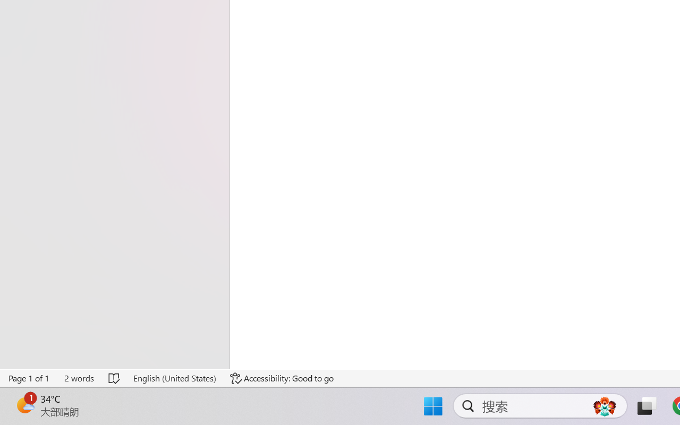 The image size is (680, 425). What do you see at coordinates (605, 406) in the screenshot?
I see `'AutomationID: DynamicSearchBoxGleamImage'` at bounding box center [605, 406].